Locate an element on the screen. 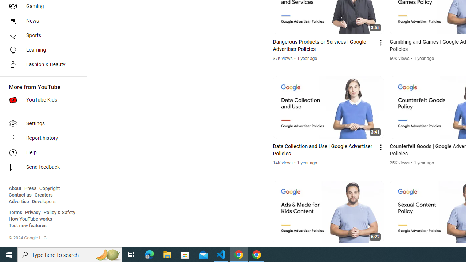 This screenshot has height=262, width=466. 'Contact us' is located at coordinates (20, 195).